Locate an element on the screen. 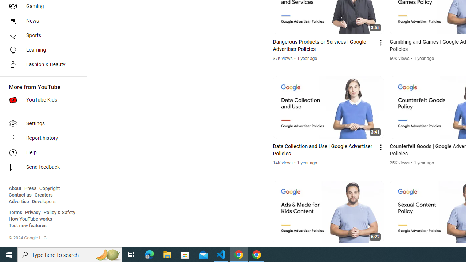 This screenshot has height=262, width=466. 'Contact us' is located at coordinates (20, 195).